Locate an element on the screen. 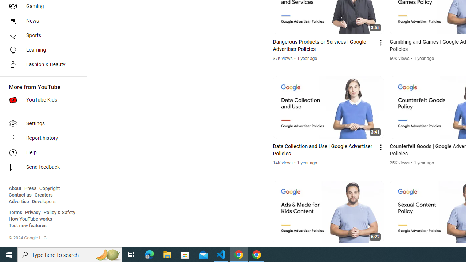 This screenshot has height=262, width=466. 'Contact us' is located at coordinates (20, 195).